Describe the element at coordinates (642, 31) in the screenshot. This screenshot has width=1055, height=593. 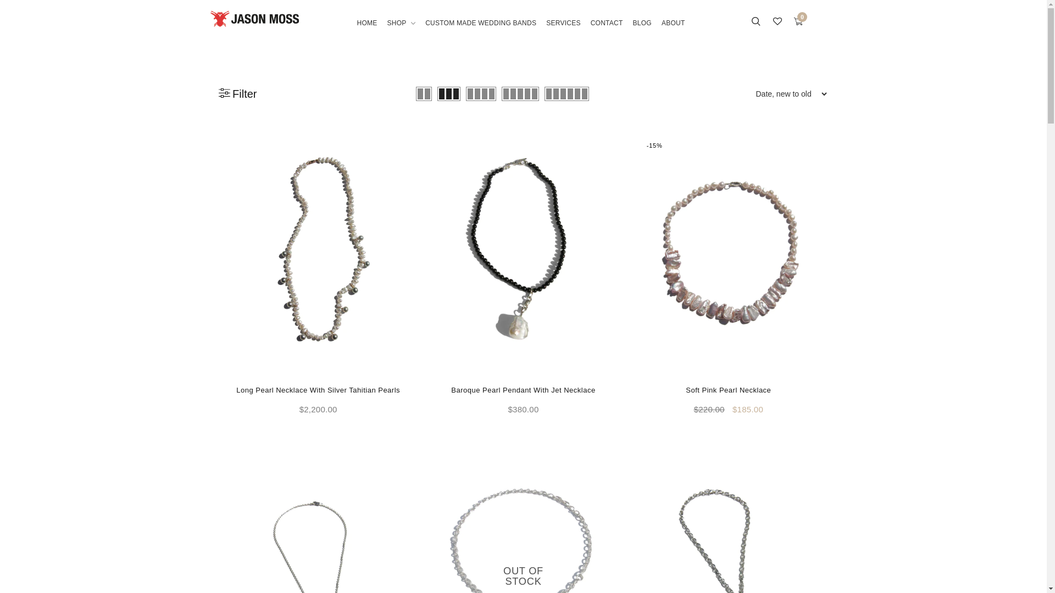
I see `'BLOG'` at that location.